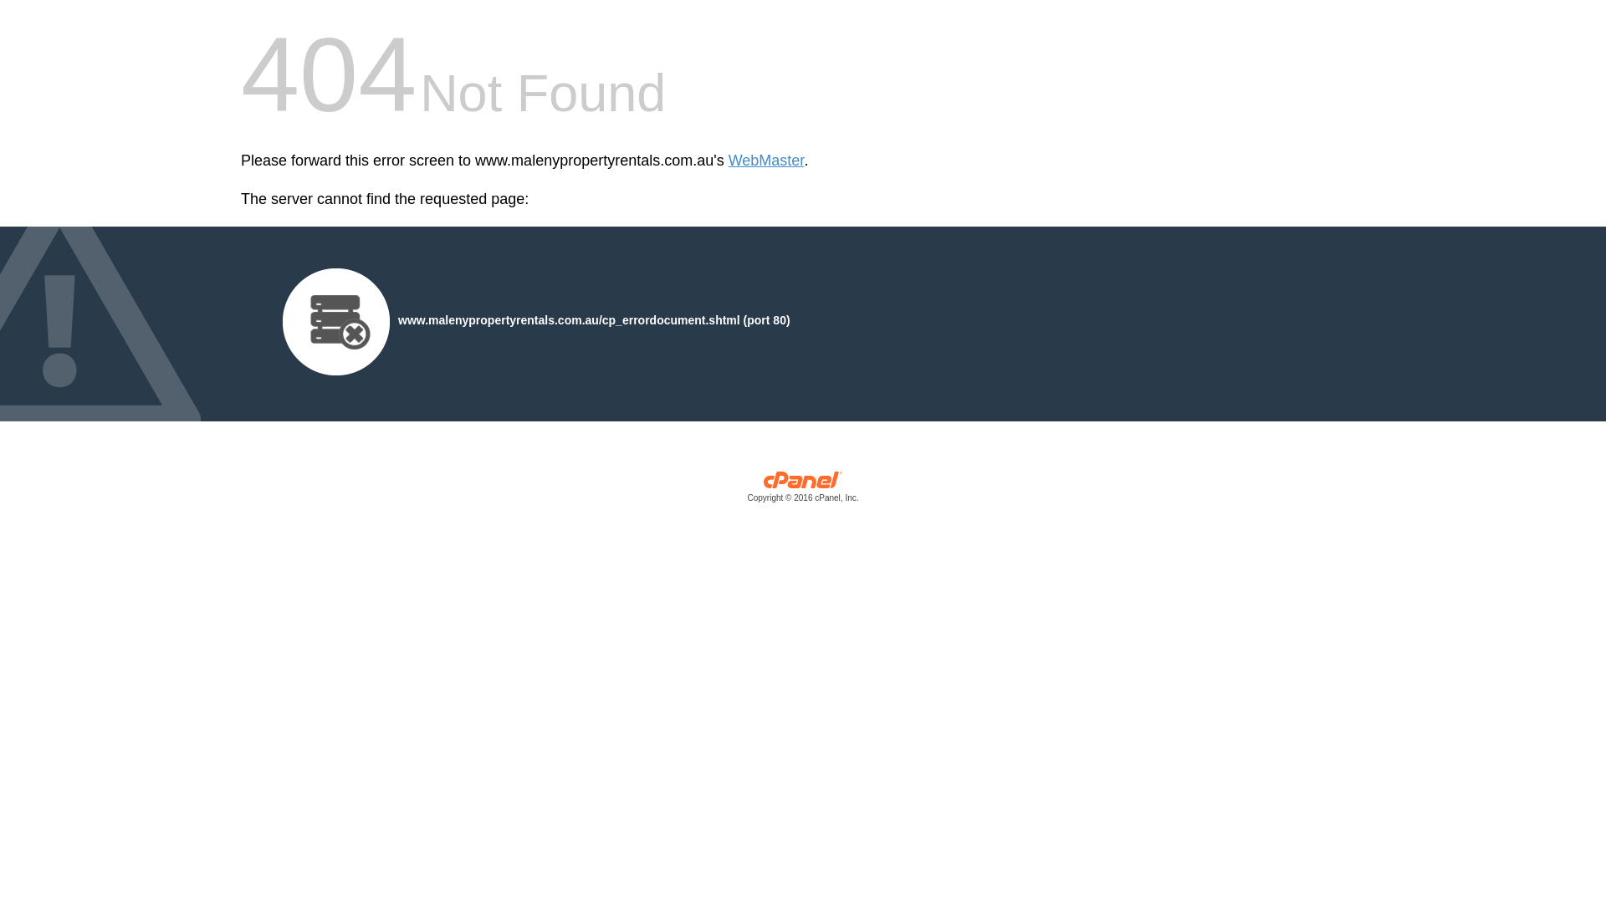 This screenshot has height=903, width=1606. Describe the element at coordinates (765, 161) in the screenshot. I see `'WebMaster'` at that location.